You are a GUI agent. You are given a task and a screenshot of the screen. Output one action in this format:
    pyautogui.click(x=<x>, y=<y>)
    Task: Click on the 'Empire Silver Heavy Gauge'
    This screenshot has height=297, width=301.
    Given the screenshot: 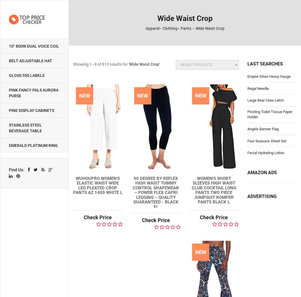 What is the action you would take?
    pyautogui.click(x=247, y=76)
    